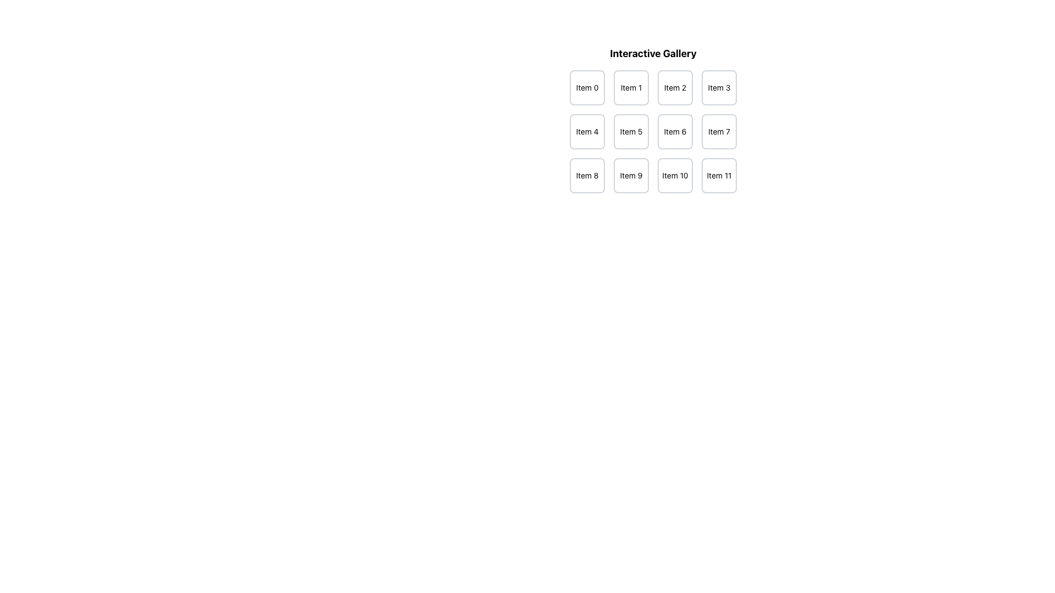  Describe the element at coordinates (631, 131) in the screenshot. I see `the Text Label displaying 'Item 5' which is located in the second row and second column of a 4x3 grid layout` at that location.